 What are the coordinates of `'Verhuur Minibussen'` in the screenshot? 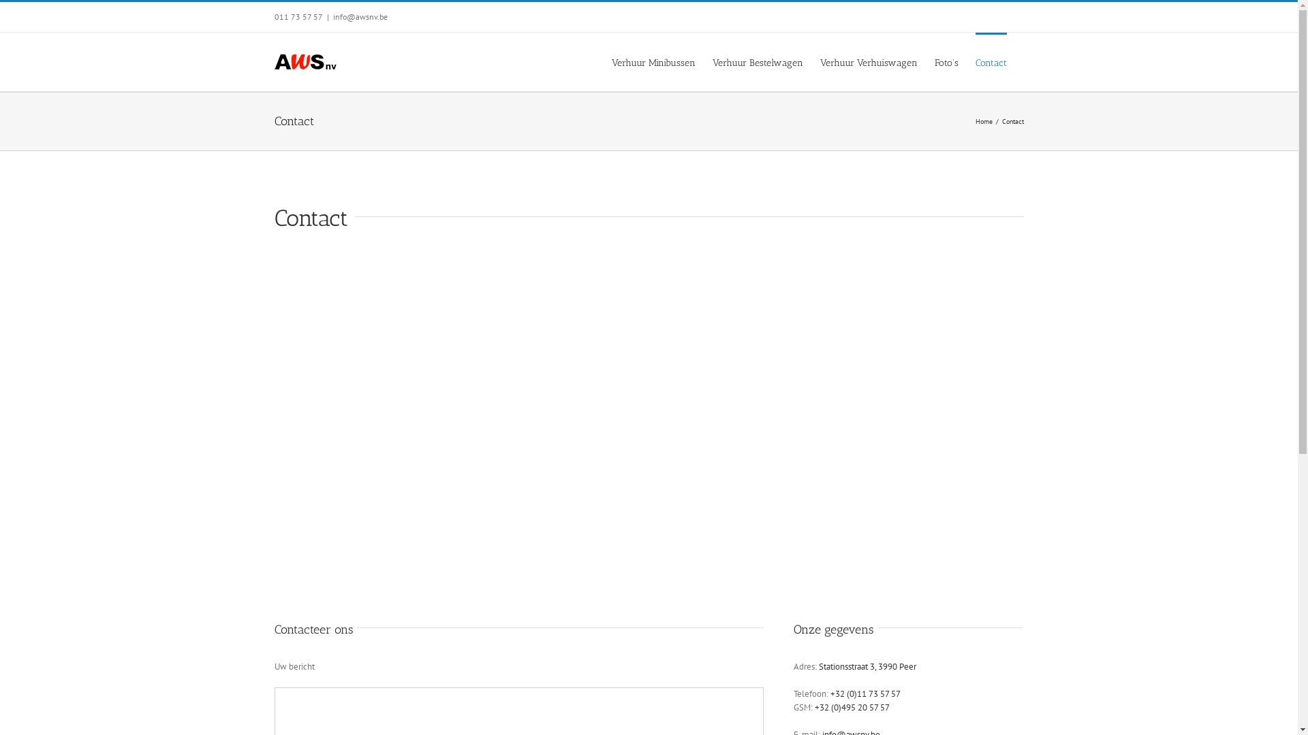 It's located at (653, 62).